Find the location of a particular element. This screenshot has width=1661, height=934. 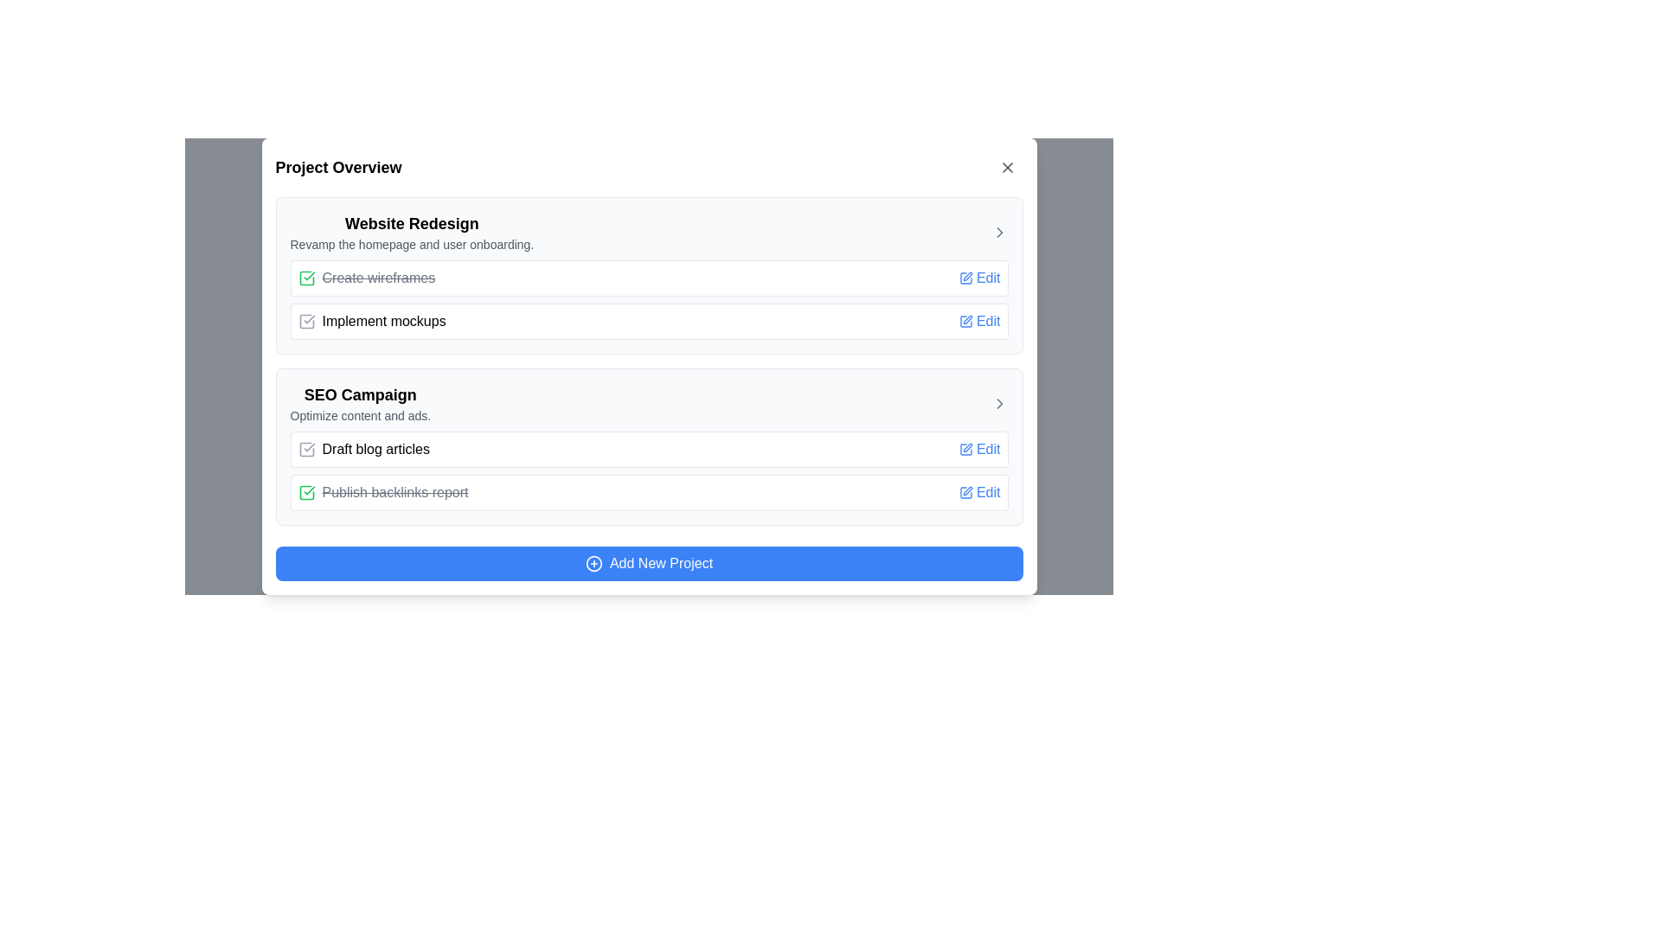

the checkboxes within the 'Website Redesign' project panel to mark tasks as completed is located at coordinates (648, 275).